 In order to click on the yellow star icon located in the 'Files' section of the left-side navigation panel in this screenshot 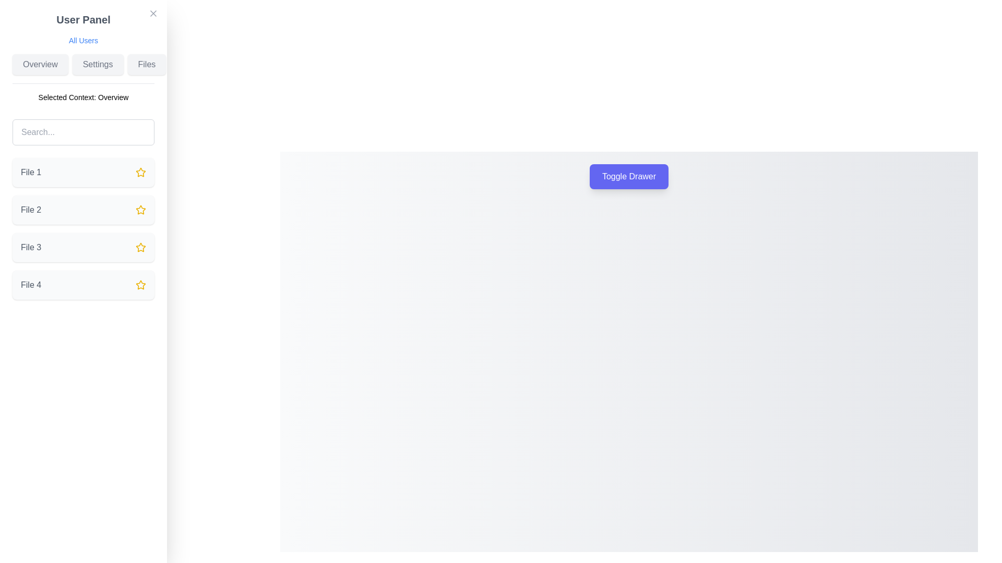, I will do `click(140, 247)`.